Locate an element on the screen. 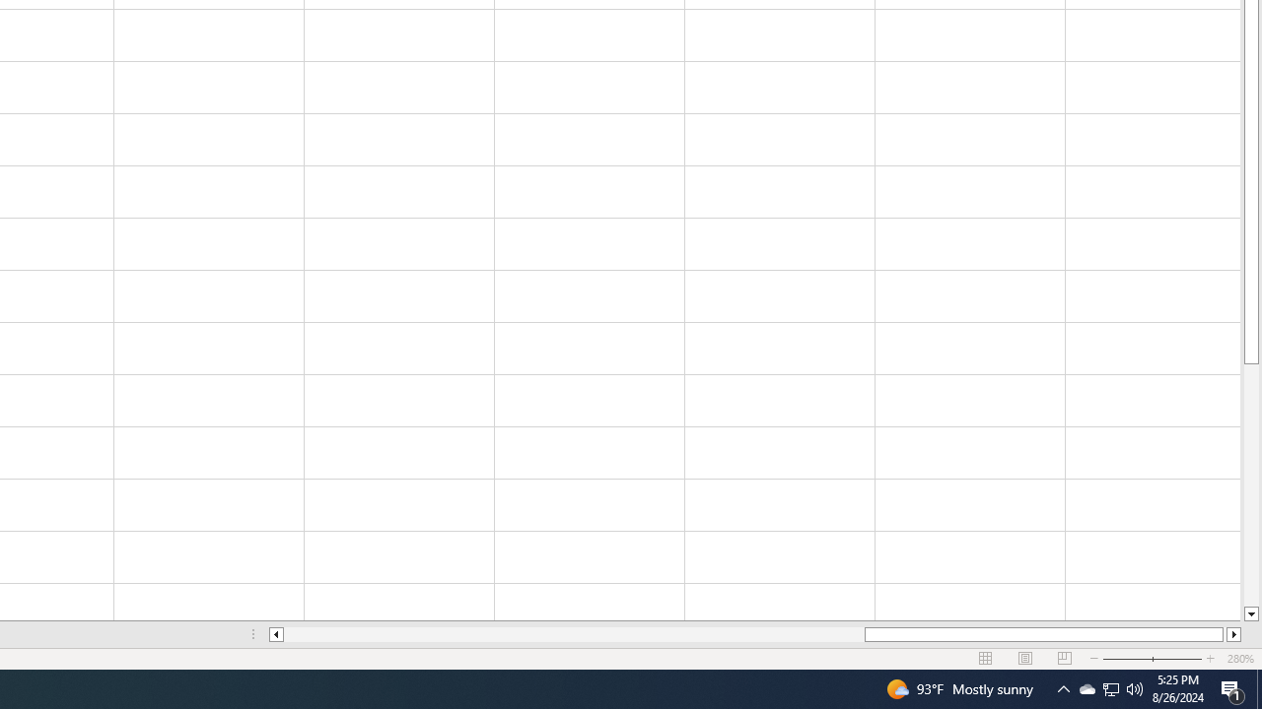  'Zoom Out' is located at coordinates (1141, 659).